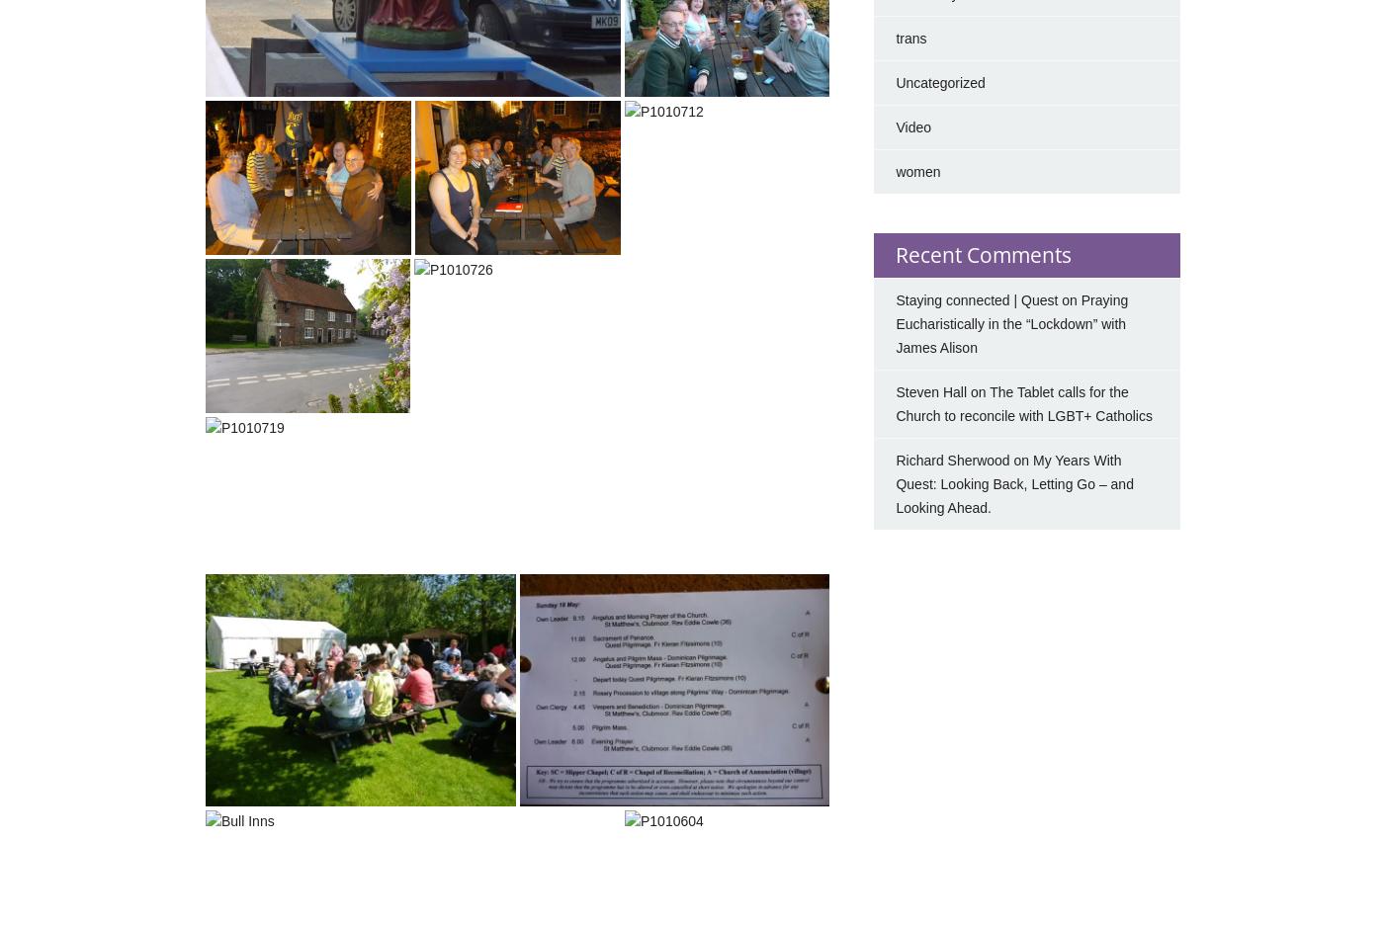 The width and height of the screenshot is (1384, 926). Describe the element at coordinates (895, 38) in the screenshot. I see `'trans'` at that location.